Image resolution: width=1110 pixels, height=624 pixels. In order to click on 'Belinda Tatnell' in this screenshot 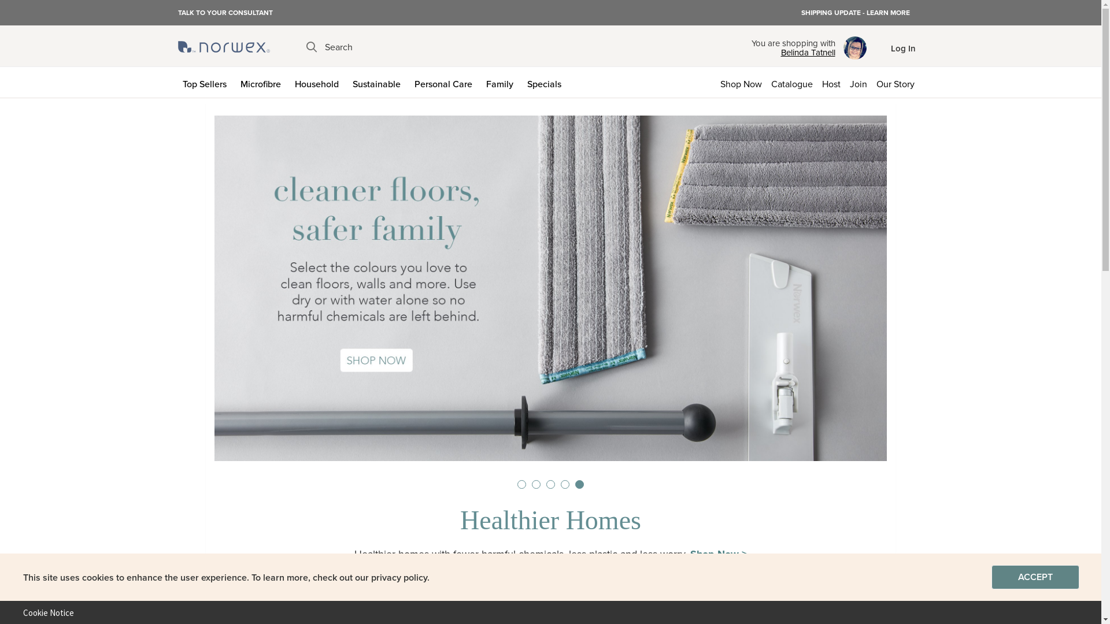, I will do `click(793, 53)`.